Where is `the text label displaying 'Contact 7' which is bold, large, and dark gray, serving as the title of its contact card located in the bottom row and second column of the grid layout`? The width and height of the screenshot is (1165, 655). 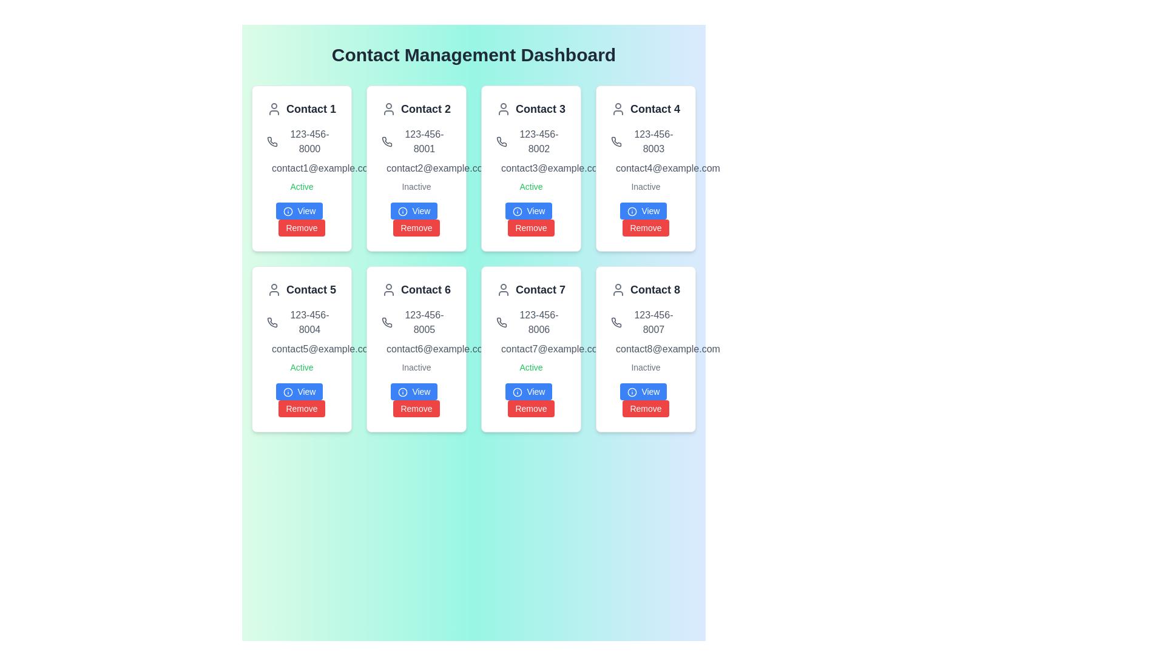
the text label displaying 'Contact 7' which is bold, large, and dark gray, serving as the title of its contact card located in the bottom row and second column of the grid layout is located at coordinates (540, 290).